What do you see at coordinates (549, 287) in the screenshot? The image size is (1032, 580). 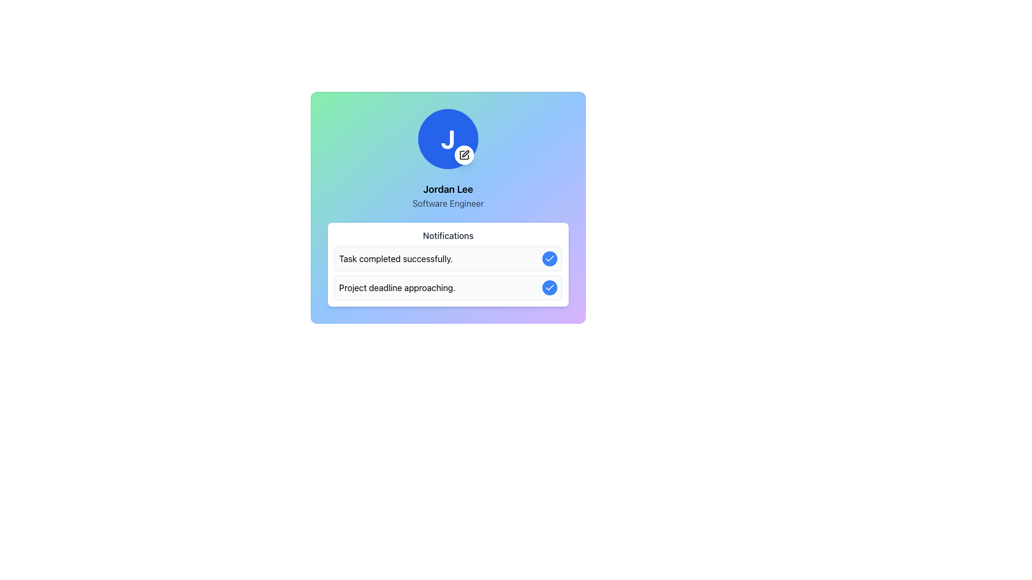 I see `the small white checkmark icon within the blue rounded square, which indicates task completion, located to the right of the text 'Task completed successfully.' in the notification list` at bounding box center [549, 287].